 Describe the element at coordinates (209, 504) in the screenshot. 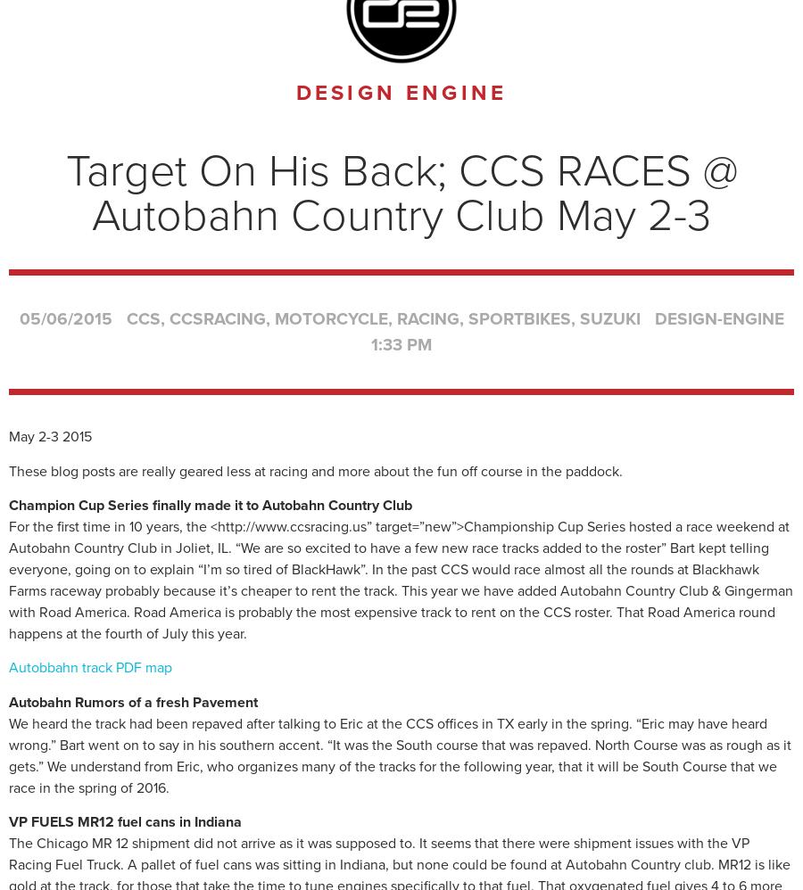

I see `'Champion Cup Series finally made it to Autobahn Country Club'` at that location.